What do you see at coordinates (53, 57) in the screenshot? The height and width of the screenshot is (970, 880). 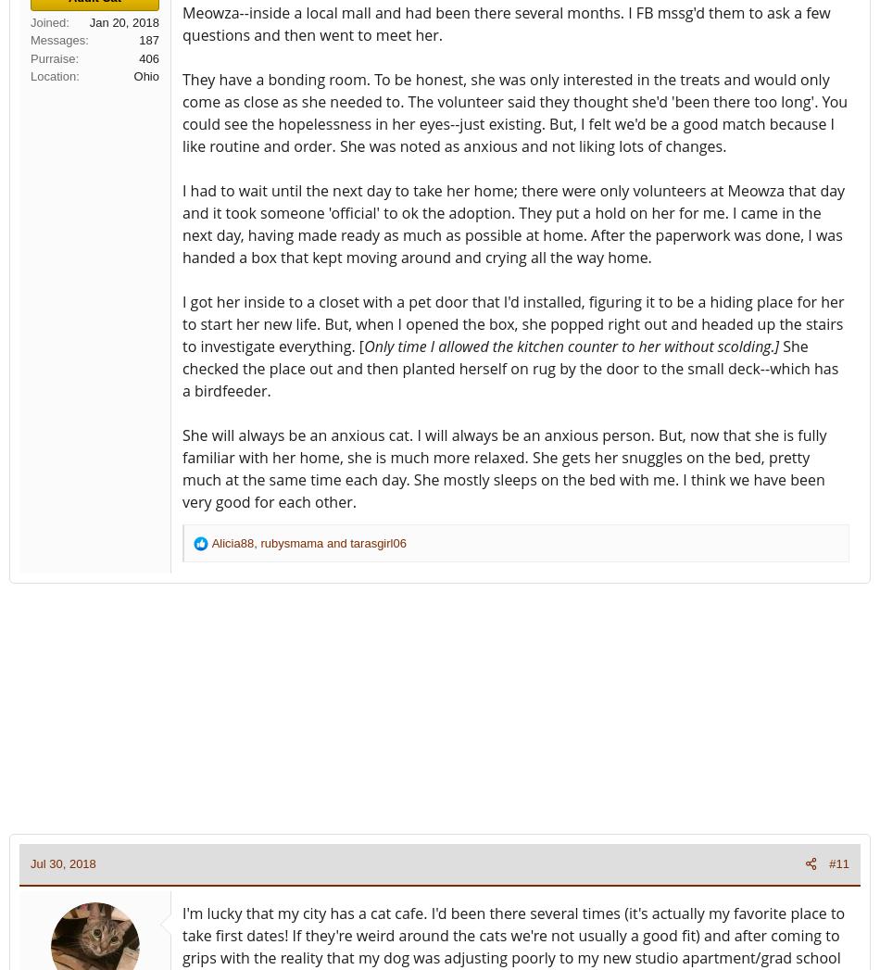 I see `'Purraise'` at bounding box center [53, 57].